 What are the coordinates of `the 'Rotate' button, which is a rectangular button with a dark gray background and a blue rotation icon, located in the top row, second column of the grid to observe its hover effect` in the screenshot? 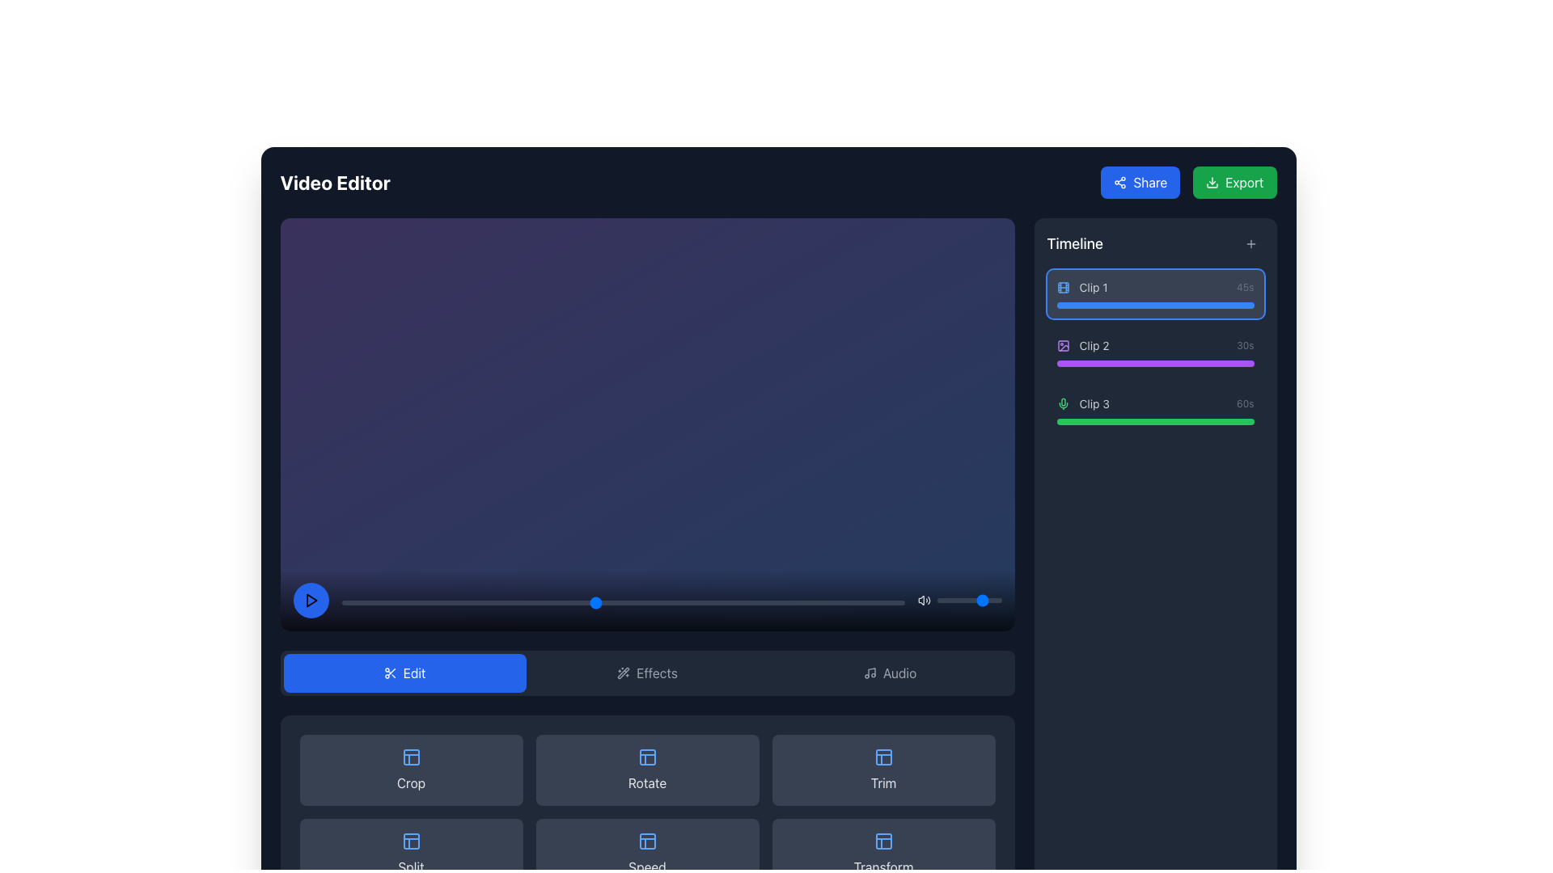 It's located at (647, 769).